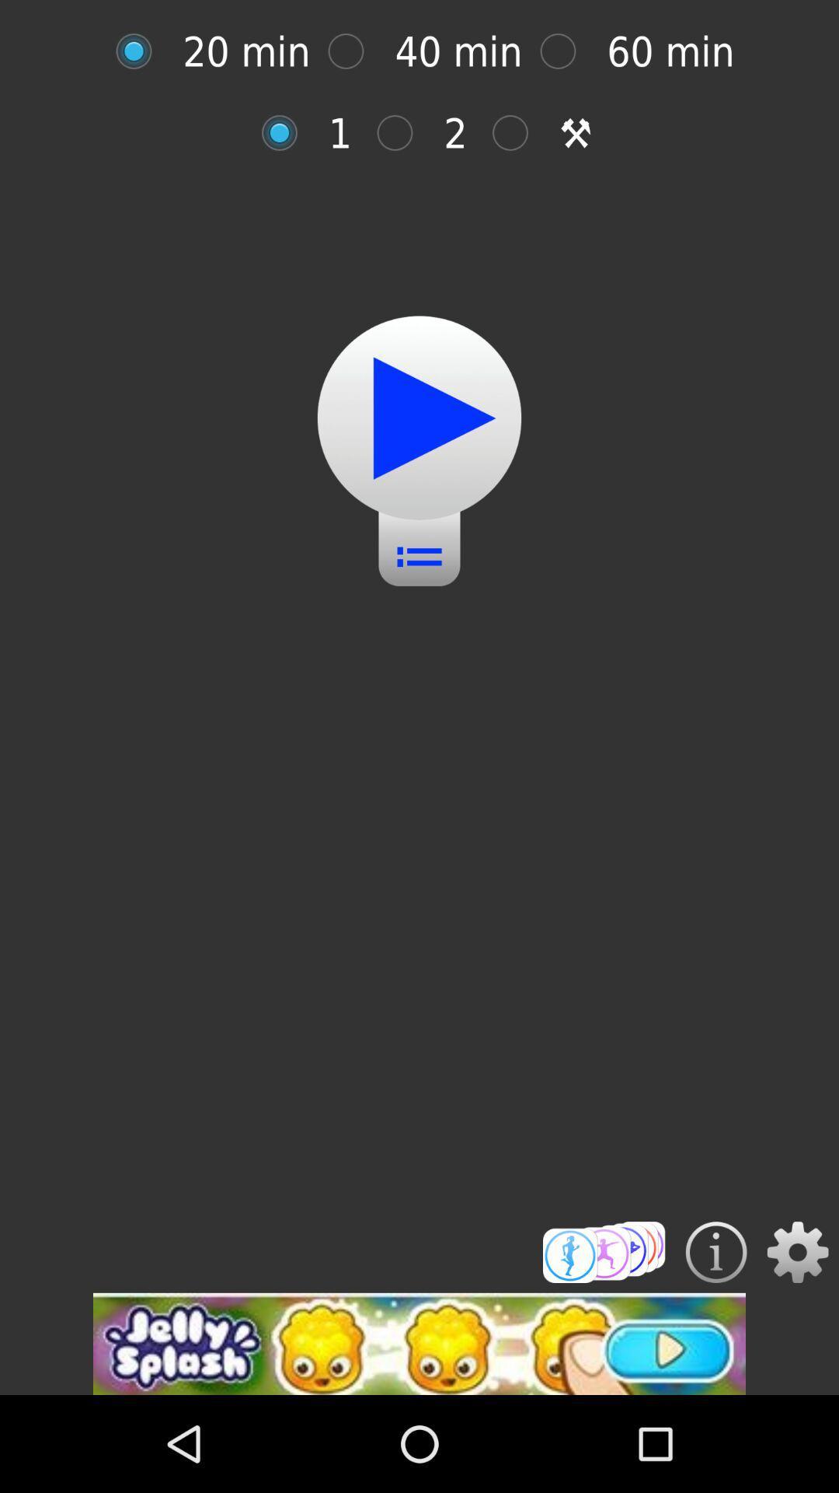 This screenshot has height=1493, width=839. I want to click on button, so click(141, 51).